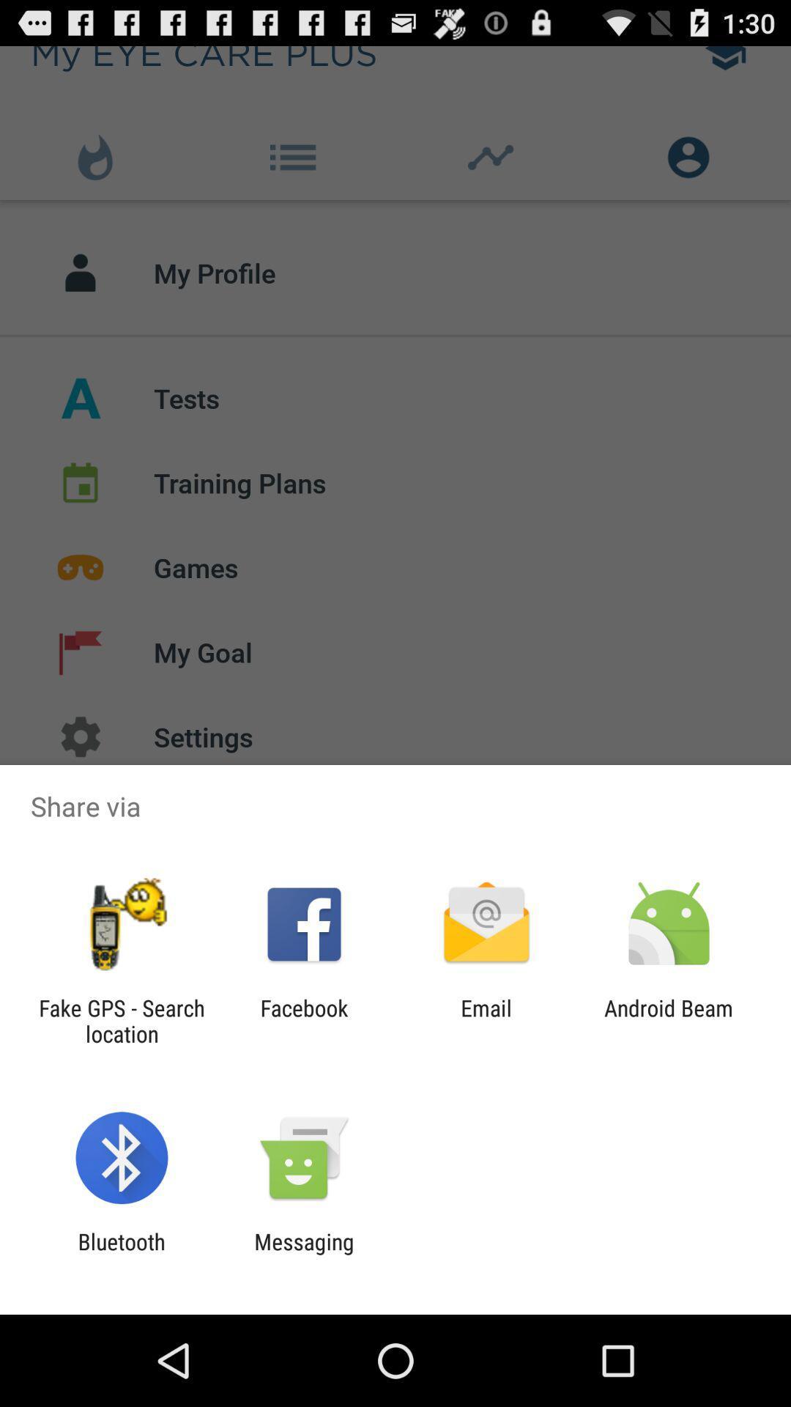 This screenshot has height=1407, width=791. I want to click on the item to the right of fake gps search app, so click(303, 1020).